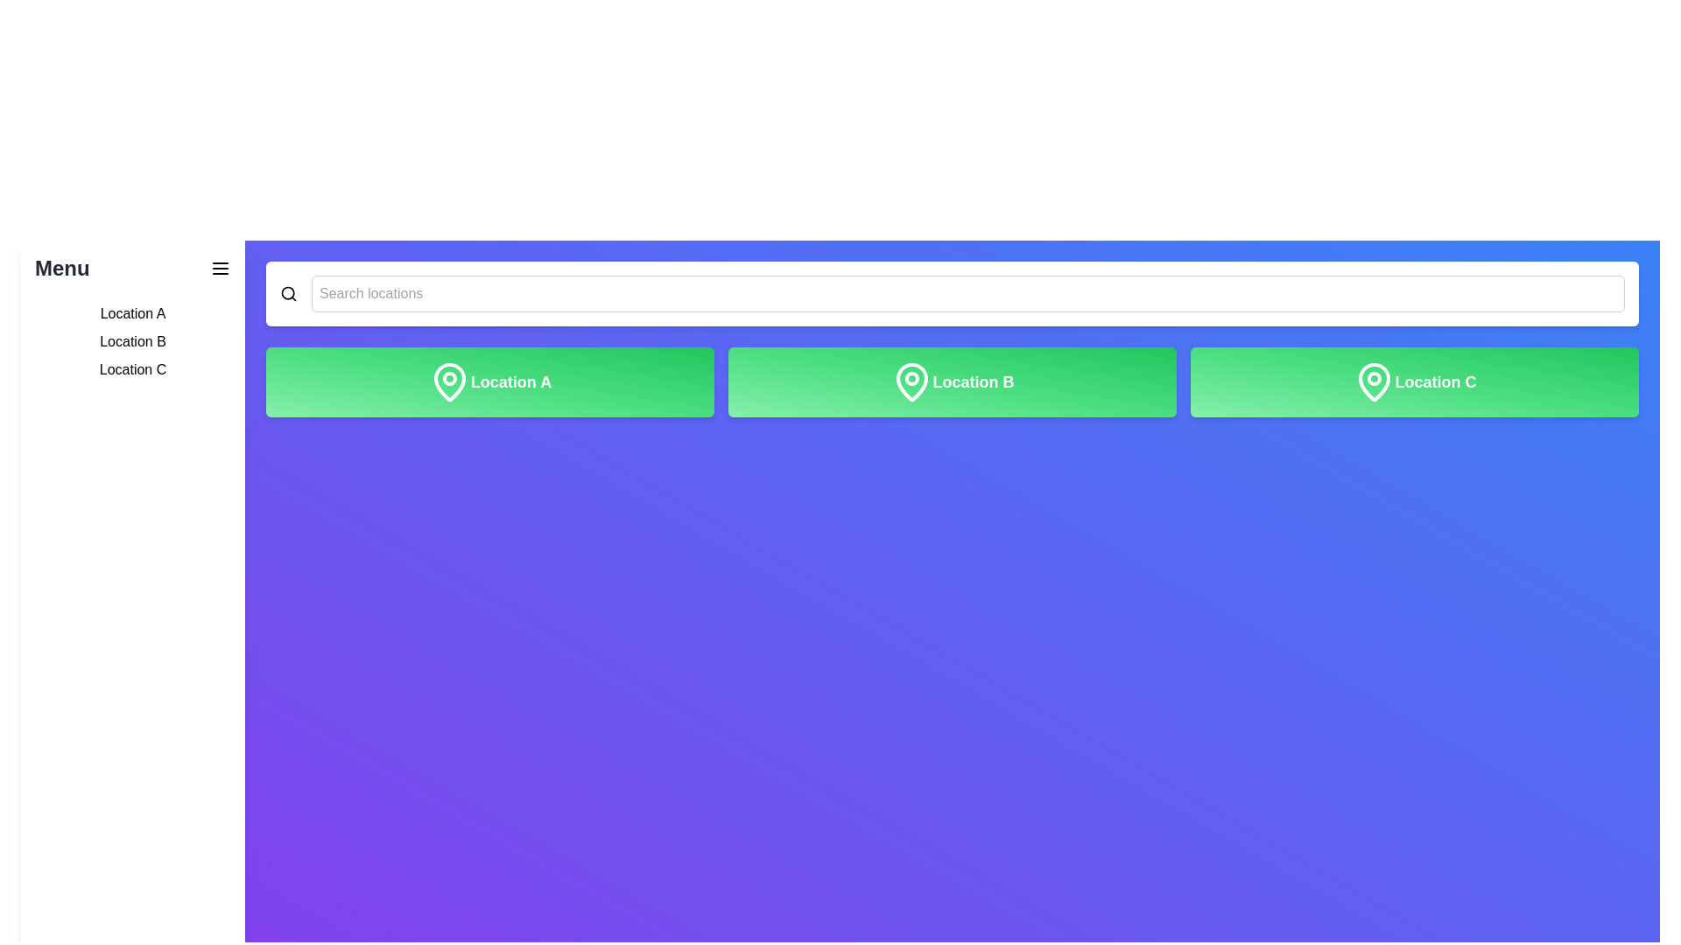 The width and height of the screenshot is (1681, 945). I want to click on the 'Location B' button, which is a rectangular button with a gradient green background and contains white bold text and a map pin icon, located in the middle of a horizontally aligned grid below the search bar, so click(952, 381).